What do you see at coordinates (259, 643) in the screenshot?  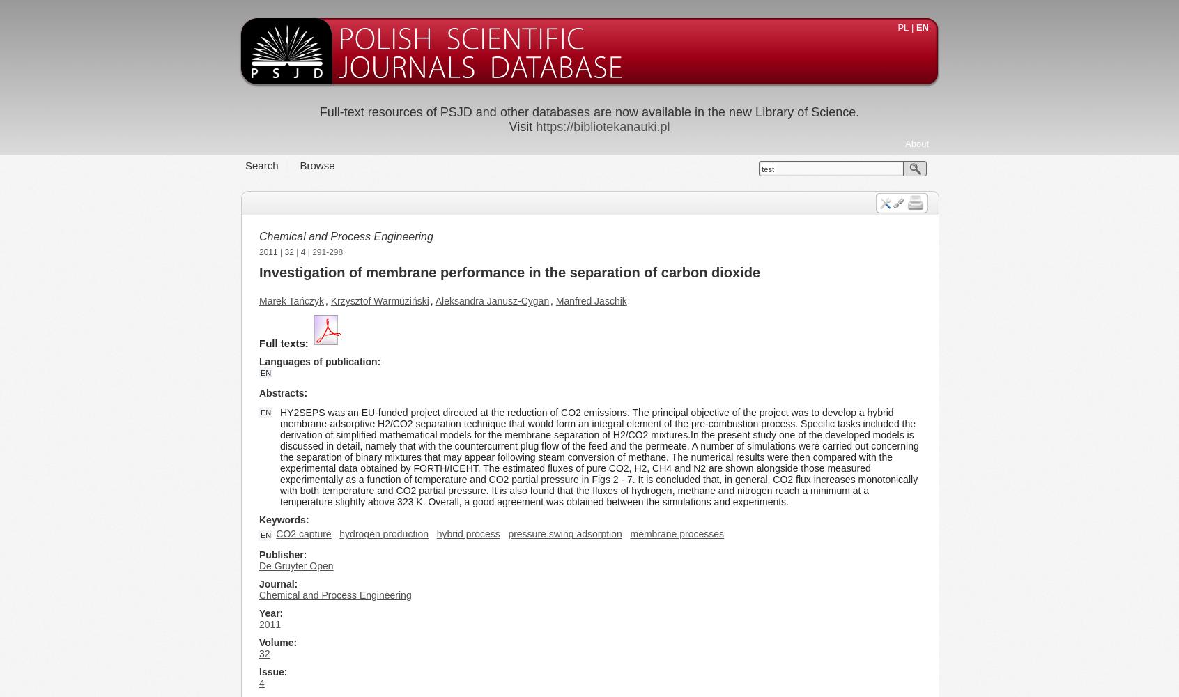 I see `'Volume'` at bounding box center [259, 643].